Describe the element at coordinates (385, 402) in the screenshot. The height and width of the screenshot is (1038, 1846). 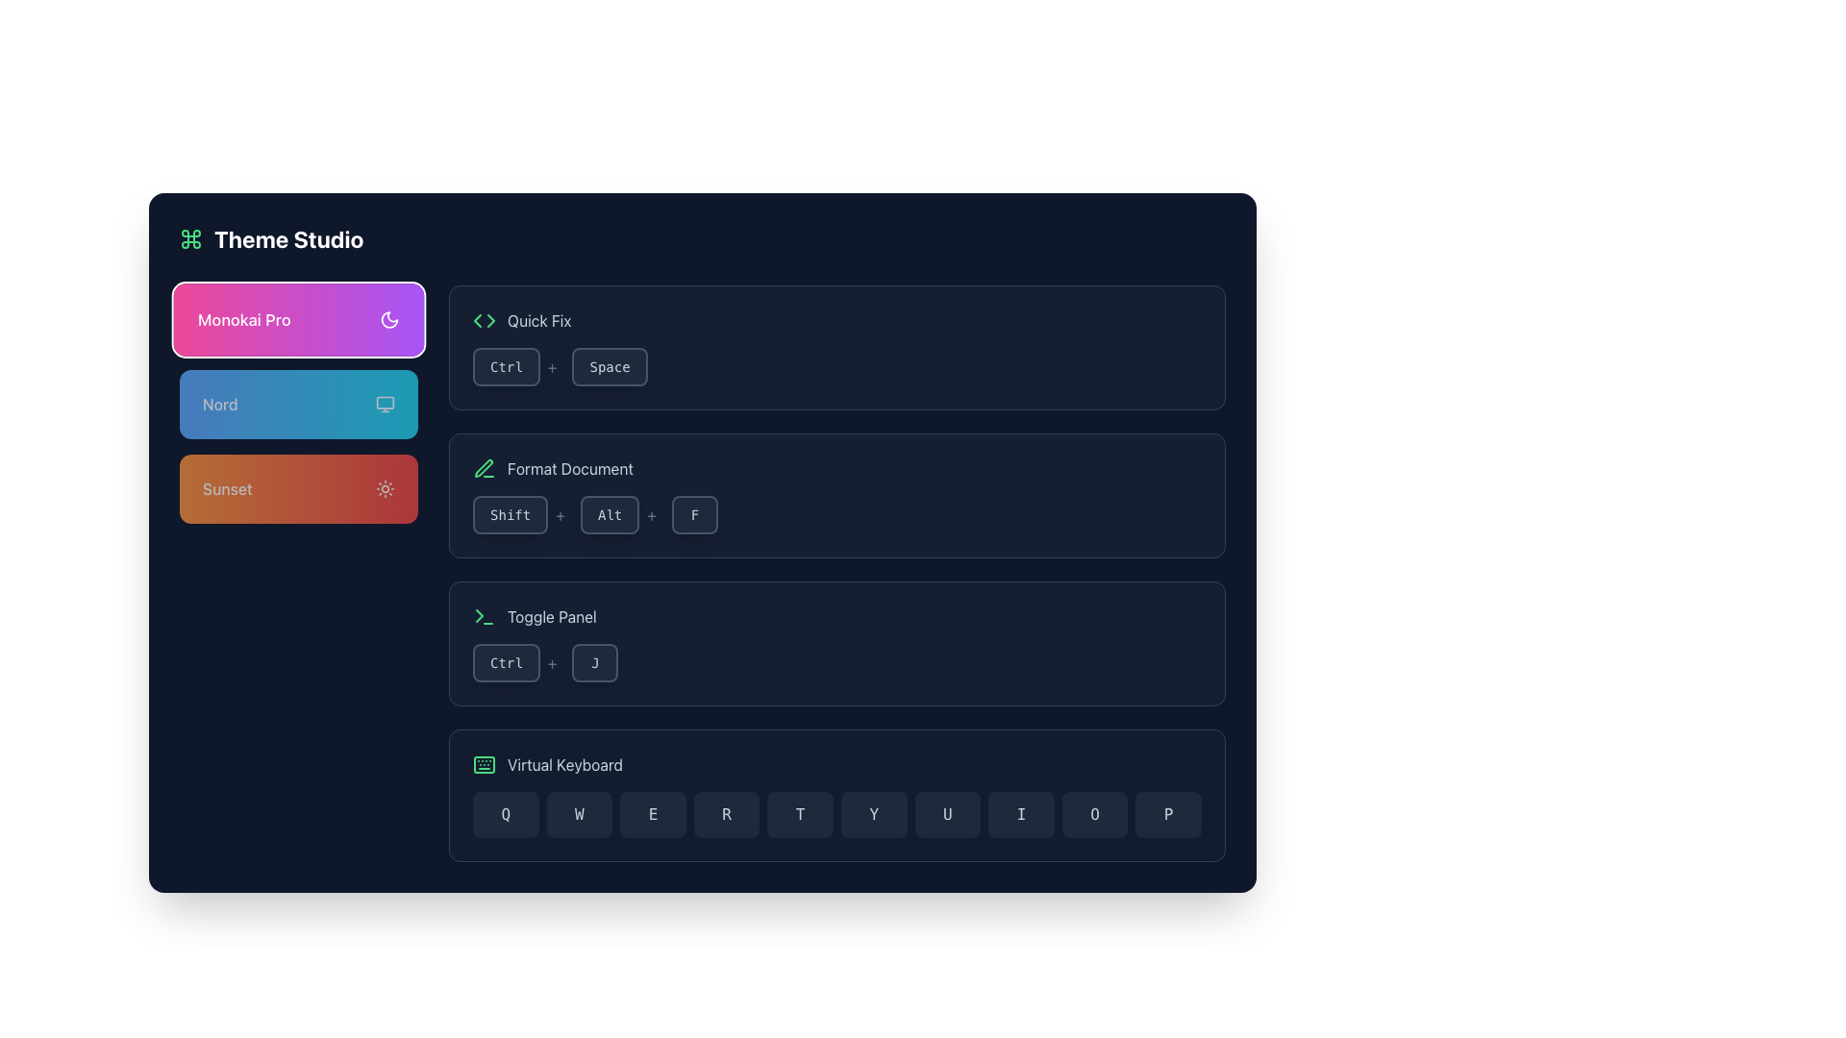
I see `the graphical monitor-shaped icon that serves as a visual indicator for the 'Nord' option located within the second colored tile on the left panel` at that location.